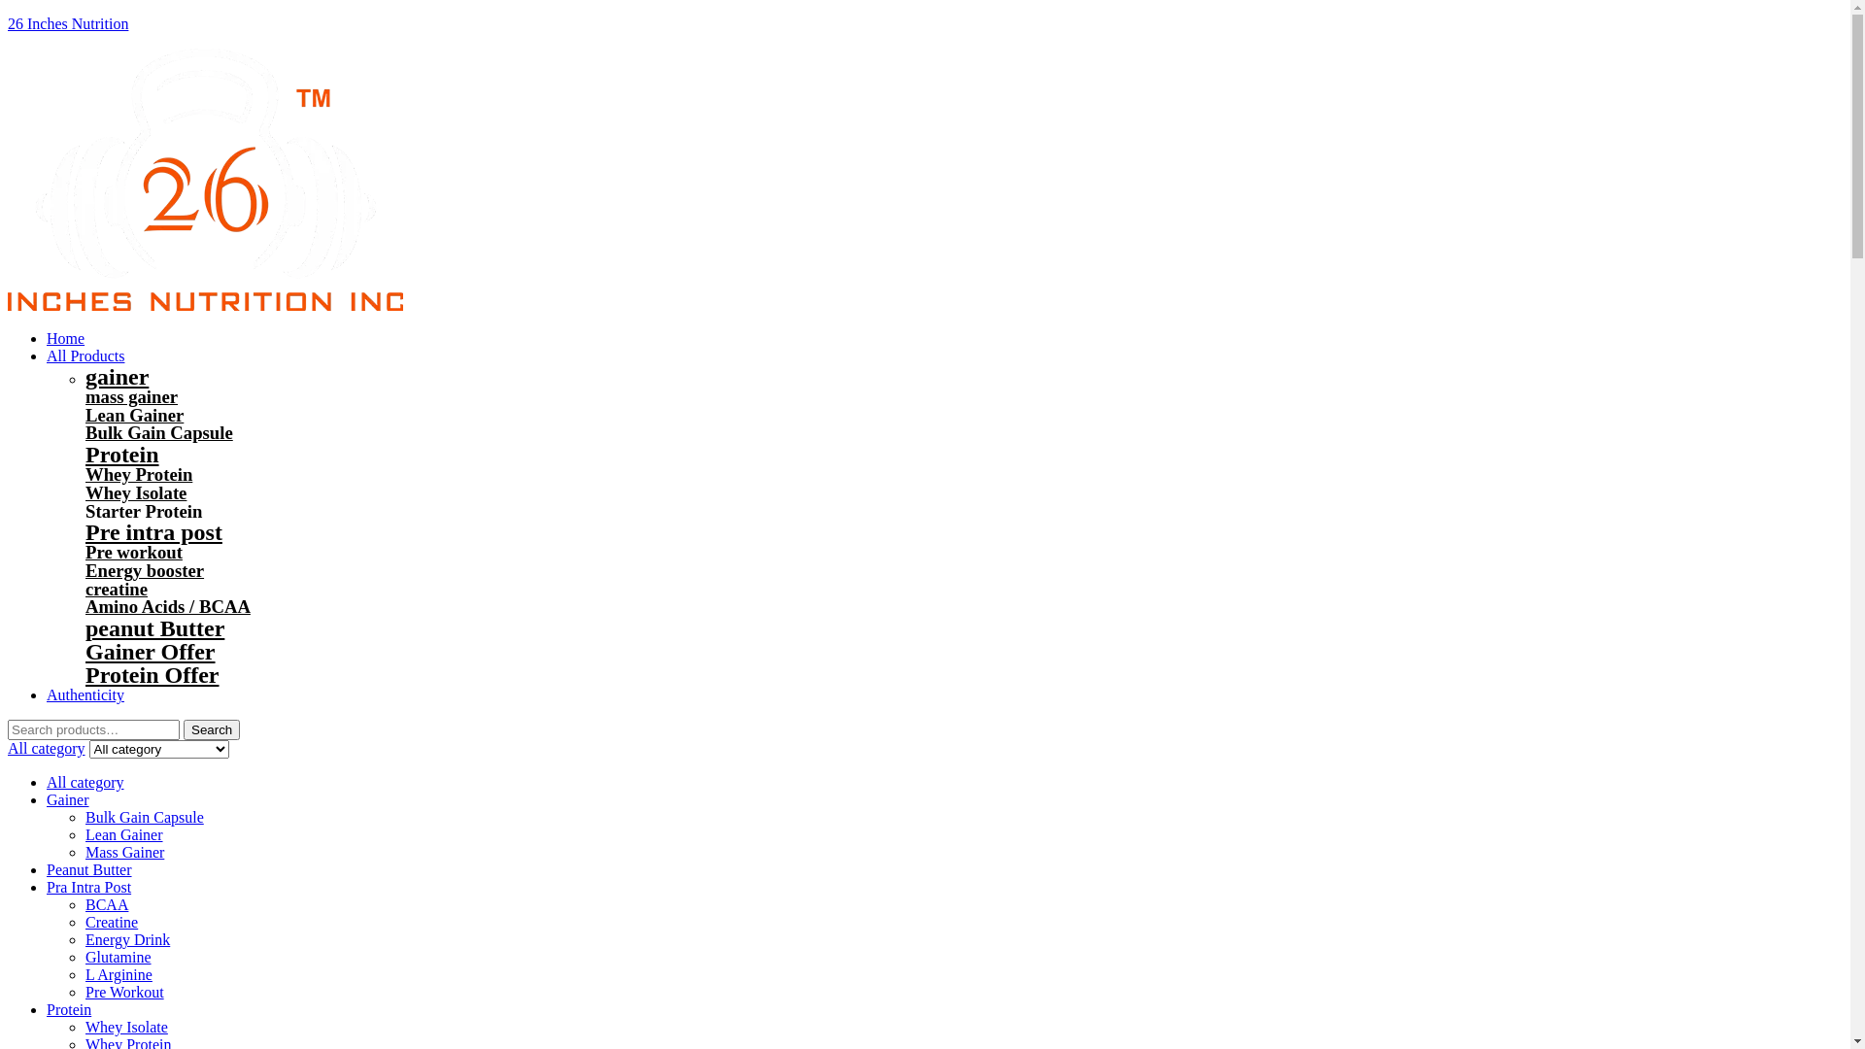 The image size is (1865, 1049). I want to click on 'BCAA', so click(84, 904).